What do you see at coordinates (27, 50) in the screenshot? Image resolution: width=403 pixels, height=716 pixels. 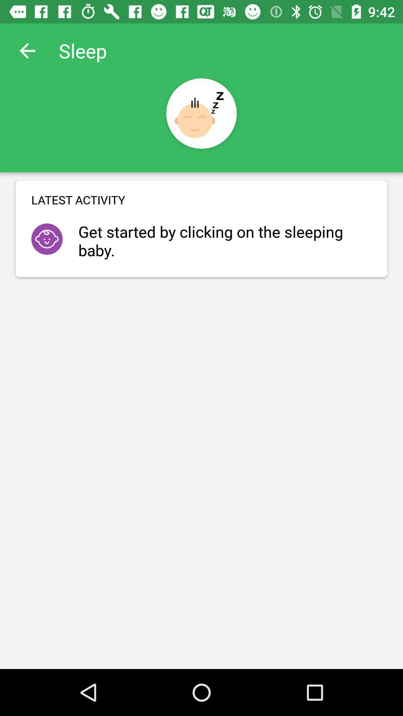 I see `the icon to the left of sleep` at bounding box center [27, 50].